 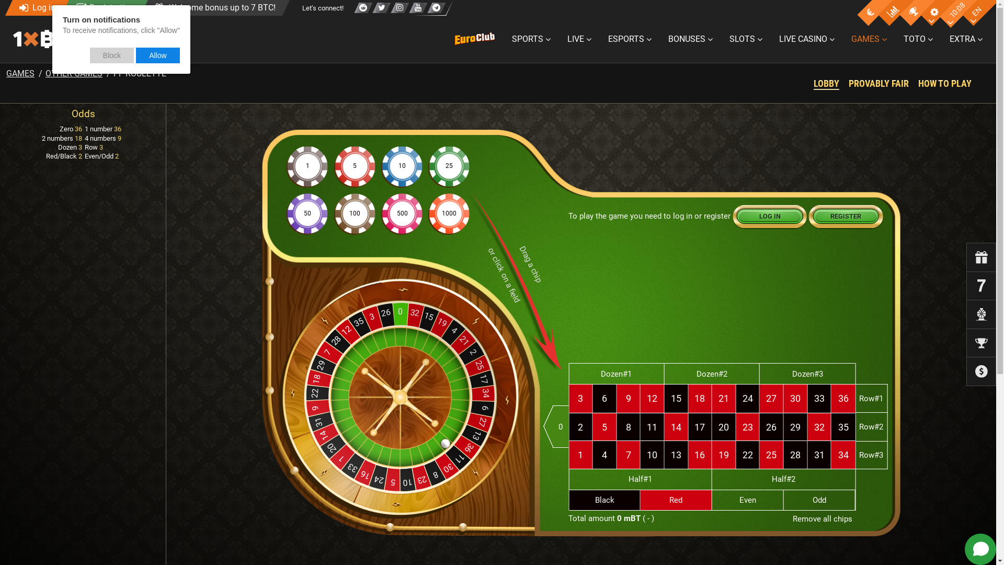 I want to click on 'SLOTS', so click(x=745, y=38).